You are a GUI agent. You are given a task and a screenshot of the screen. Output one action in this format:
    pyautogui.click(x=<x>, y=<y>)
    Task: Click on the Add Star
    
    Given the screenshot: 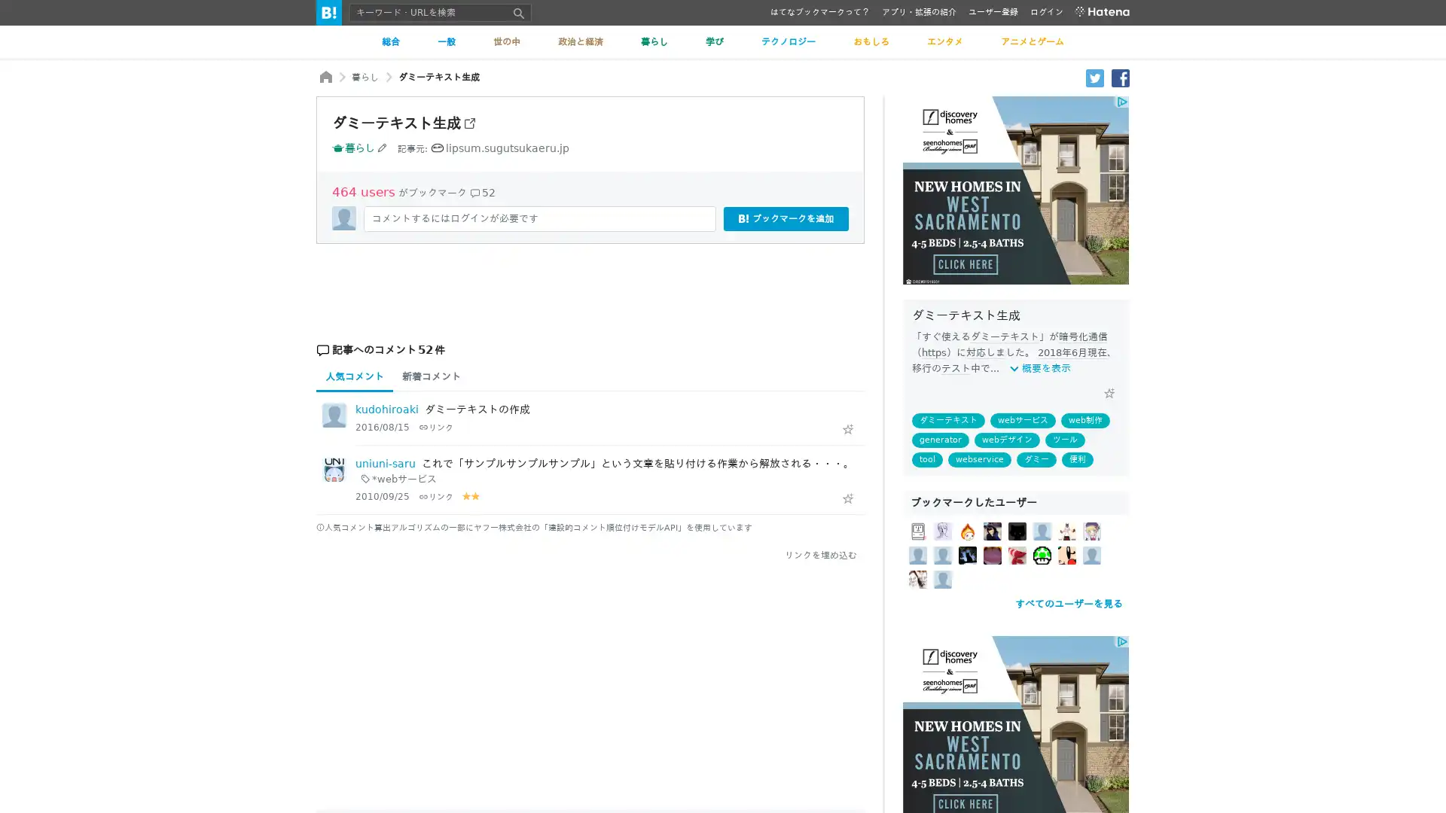 What is the action you would take?
    pyautogui.click(x=848, y=429)
    